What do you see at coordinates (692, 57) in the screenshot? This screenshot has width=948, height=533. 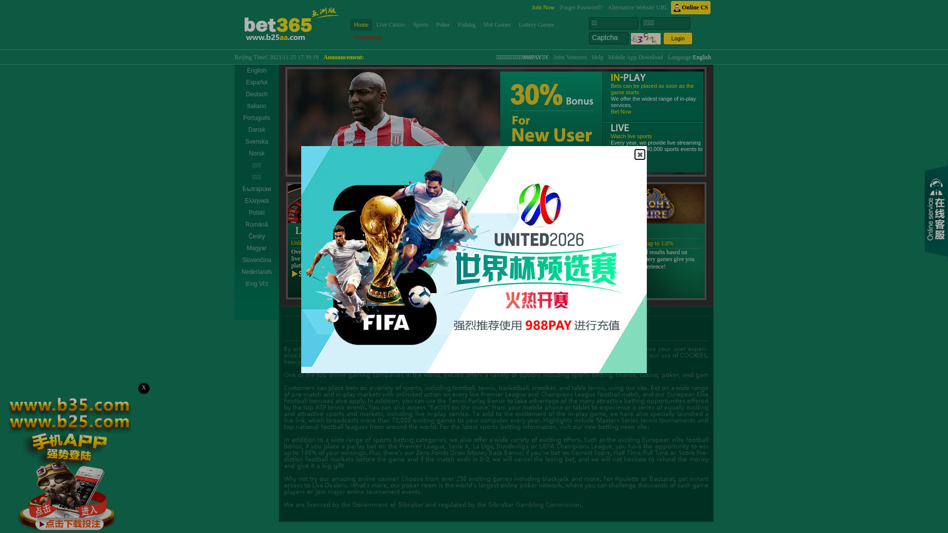 I see `'English'` at bounding box center [692, 57].